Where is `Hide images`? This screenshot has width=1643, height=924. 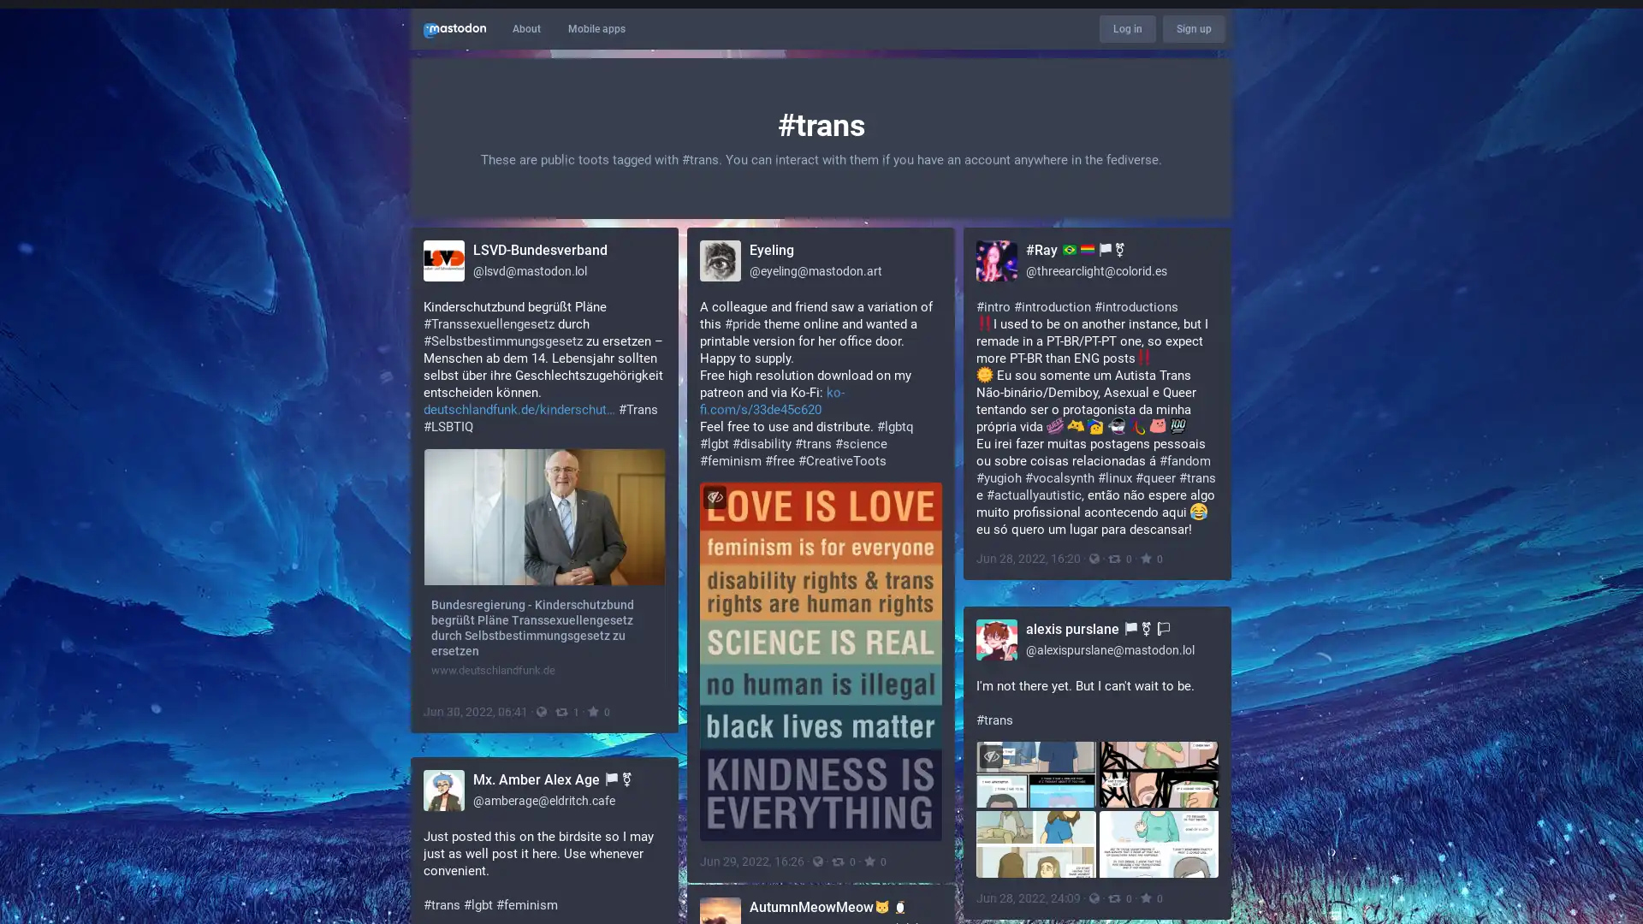
Hide images is located at coordinates (991, 755).